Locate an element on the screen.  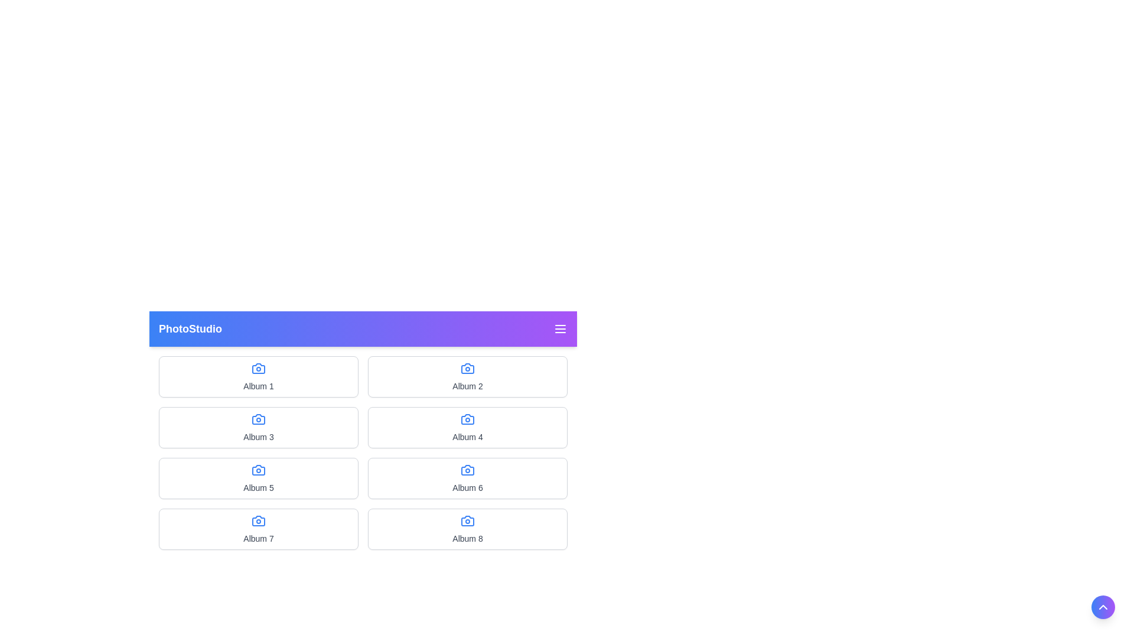
the 'Album 6' clickable album tile, which features a blue camera icon and a gray text label is located at coordinates (467, 479).